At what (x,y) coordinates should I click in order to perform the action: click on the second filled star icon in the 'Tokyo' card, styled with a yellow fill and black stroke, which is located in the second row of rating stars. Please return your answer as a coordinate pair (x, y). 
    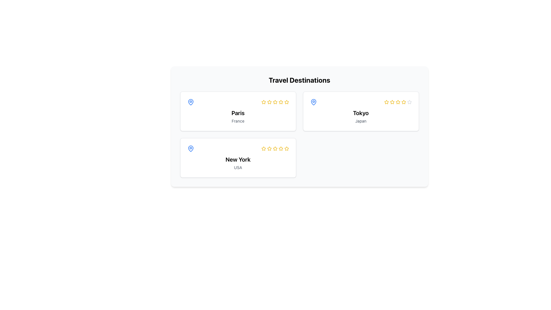
    Looking at the image, I should click on (392, 102).